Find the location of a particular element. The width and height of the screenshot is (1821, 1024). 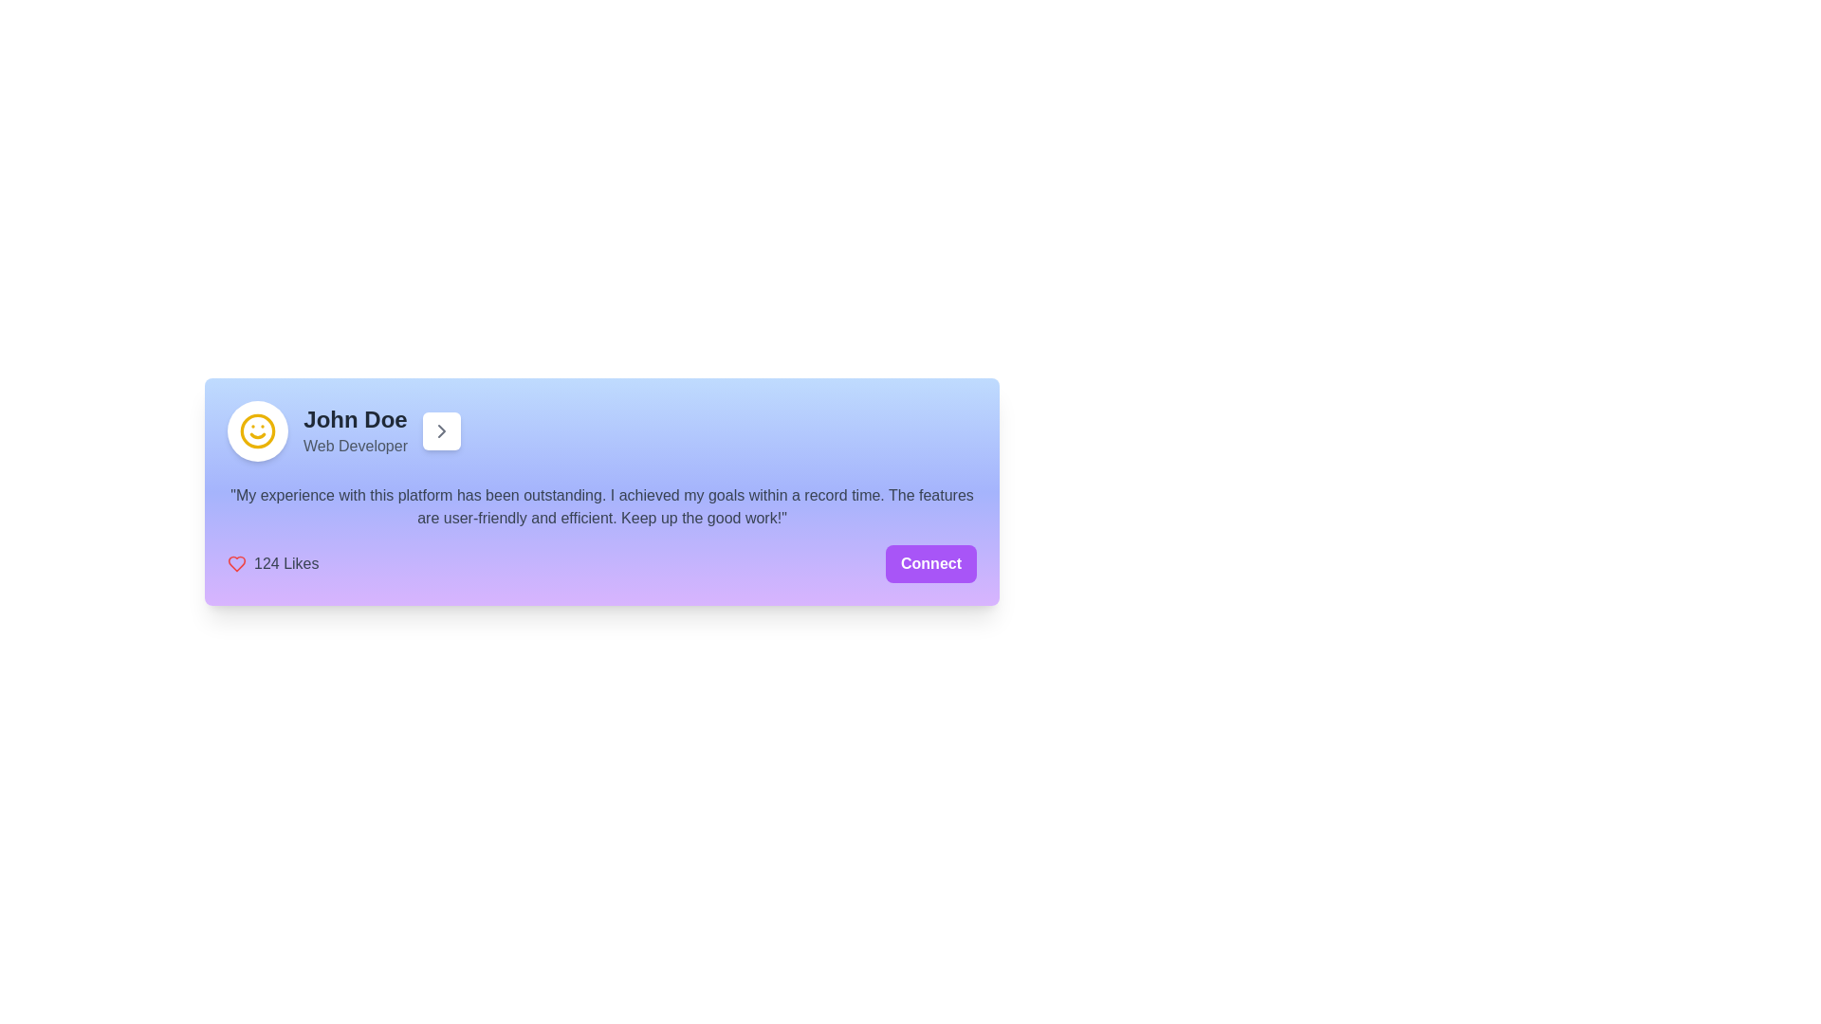

the text label displaying 'Web Developer', which is located below 'John Doe' in a card-like component is located at coordinates (355, 446).